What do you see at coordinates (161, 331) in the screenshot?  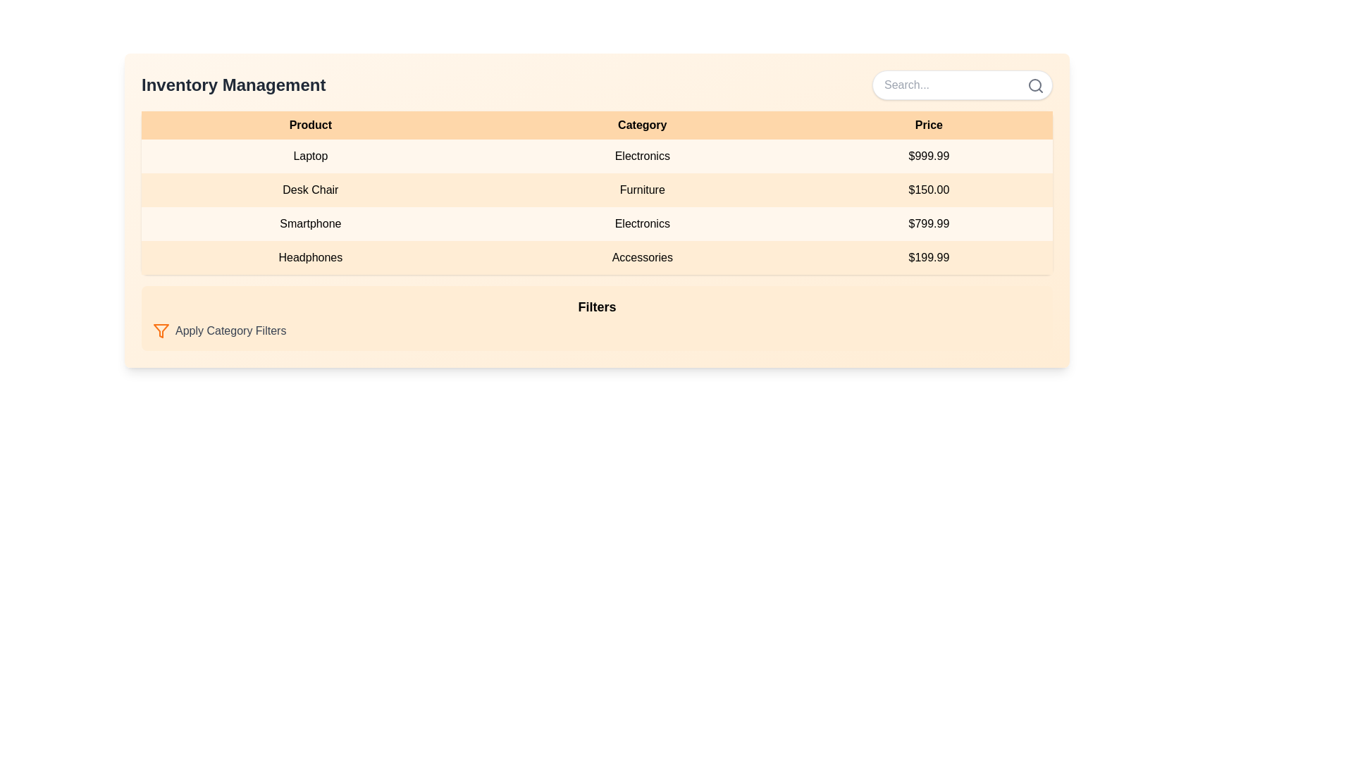 I see `the triangular-shaped orange filter icon located at the bottom-left corner of the interface, adjacent to the 'Apply Category Filters' label` at bounding box center [161, 331].